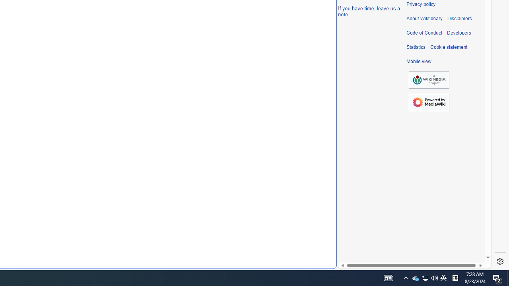  What do you see at coordinates (369, 11) in the screenshot?
I see `'If you have time, leave us a note.'` at bounding box center [369, 11].